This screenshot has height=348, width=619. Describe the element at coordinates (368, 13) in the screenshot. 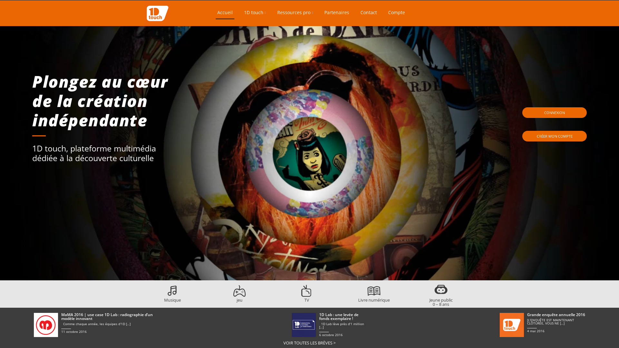

I see `'Contact'` at that location.